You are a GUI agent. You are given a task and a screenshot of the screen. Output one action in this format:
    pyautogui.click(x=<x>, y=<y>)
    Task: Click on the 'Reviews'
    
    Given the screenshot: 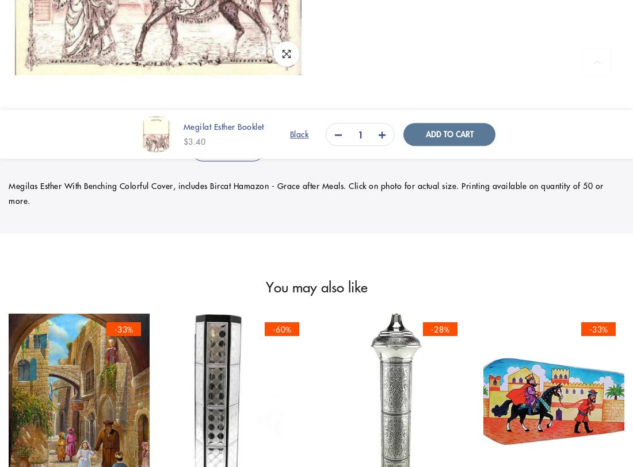 What is the action you would take?
    pyautogui.click(x=410, y=149)
    